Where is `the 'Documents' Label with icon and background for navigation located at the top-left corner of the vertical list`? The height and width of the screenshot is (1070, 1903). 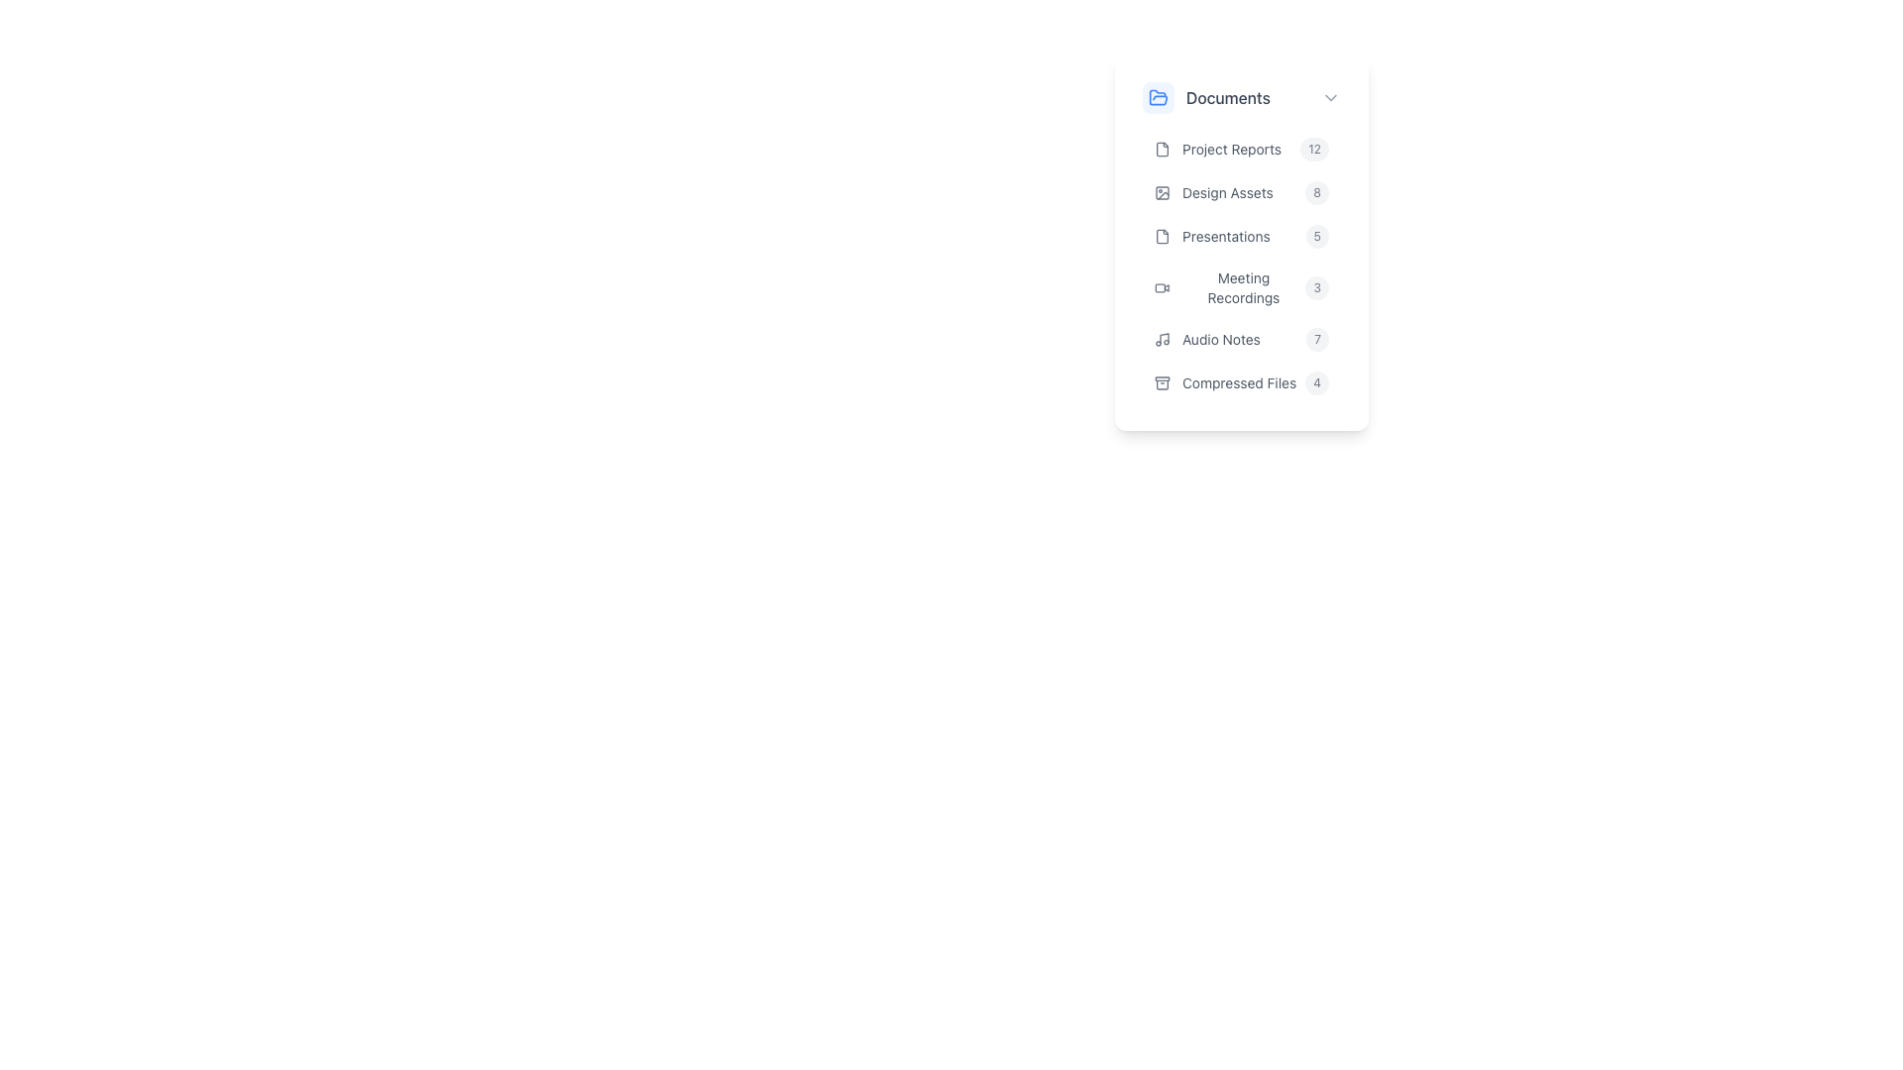
the 'Documents' Label with icon and background for navigation located at the top-left corner of the vertical list is located at coordinates (1231, 98).